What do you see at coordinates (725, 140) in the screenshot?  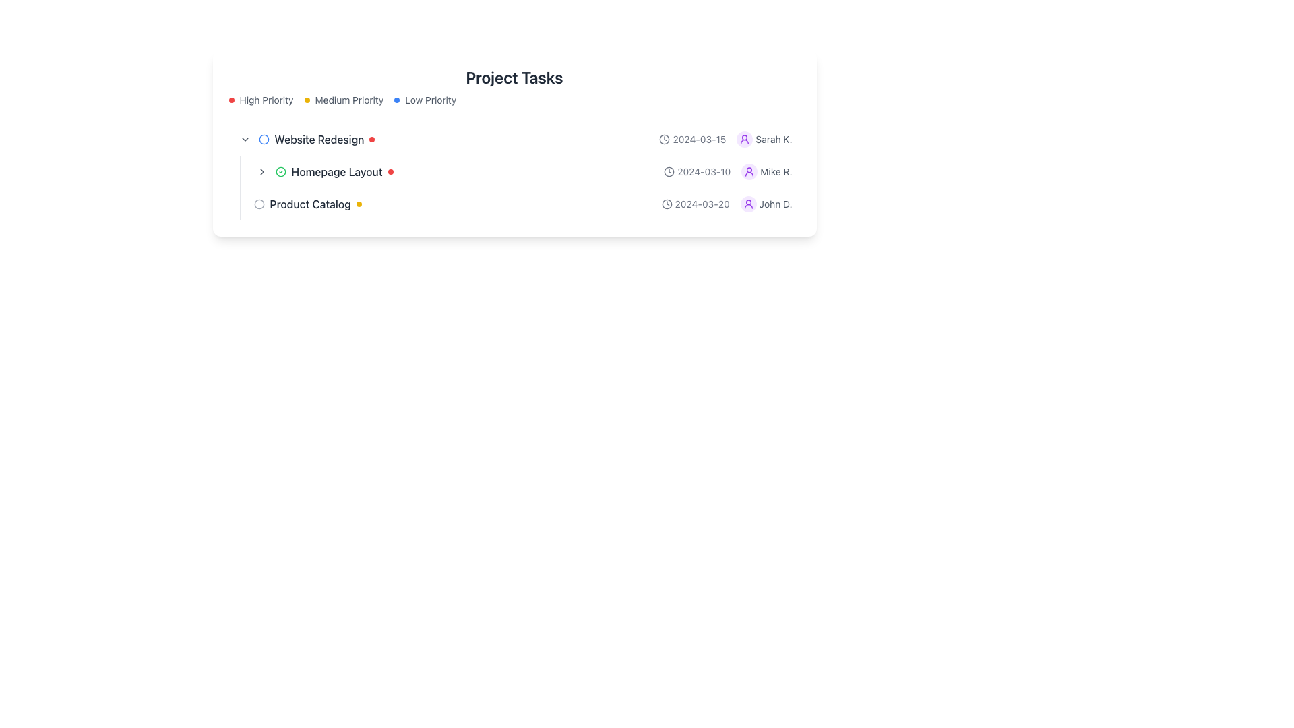 I see `the Composite element displaying the date '2024-03-15' and the assigned user 'Sarah K.'` at bounding box center [725, 140].